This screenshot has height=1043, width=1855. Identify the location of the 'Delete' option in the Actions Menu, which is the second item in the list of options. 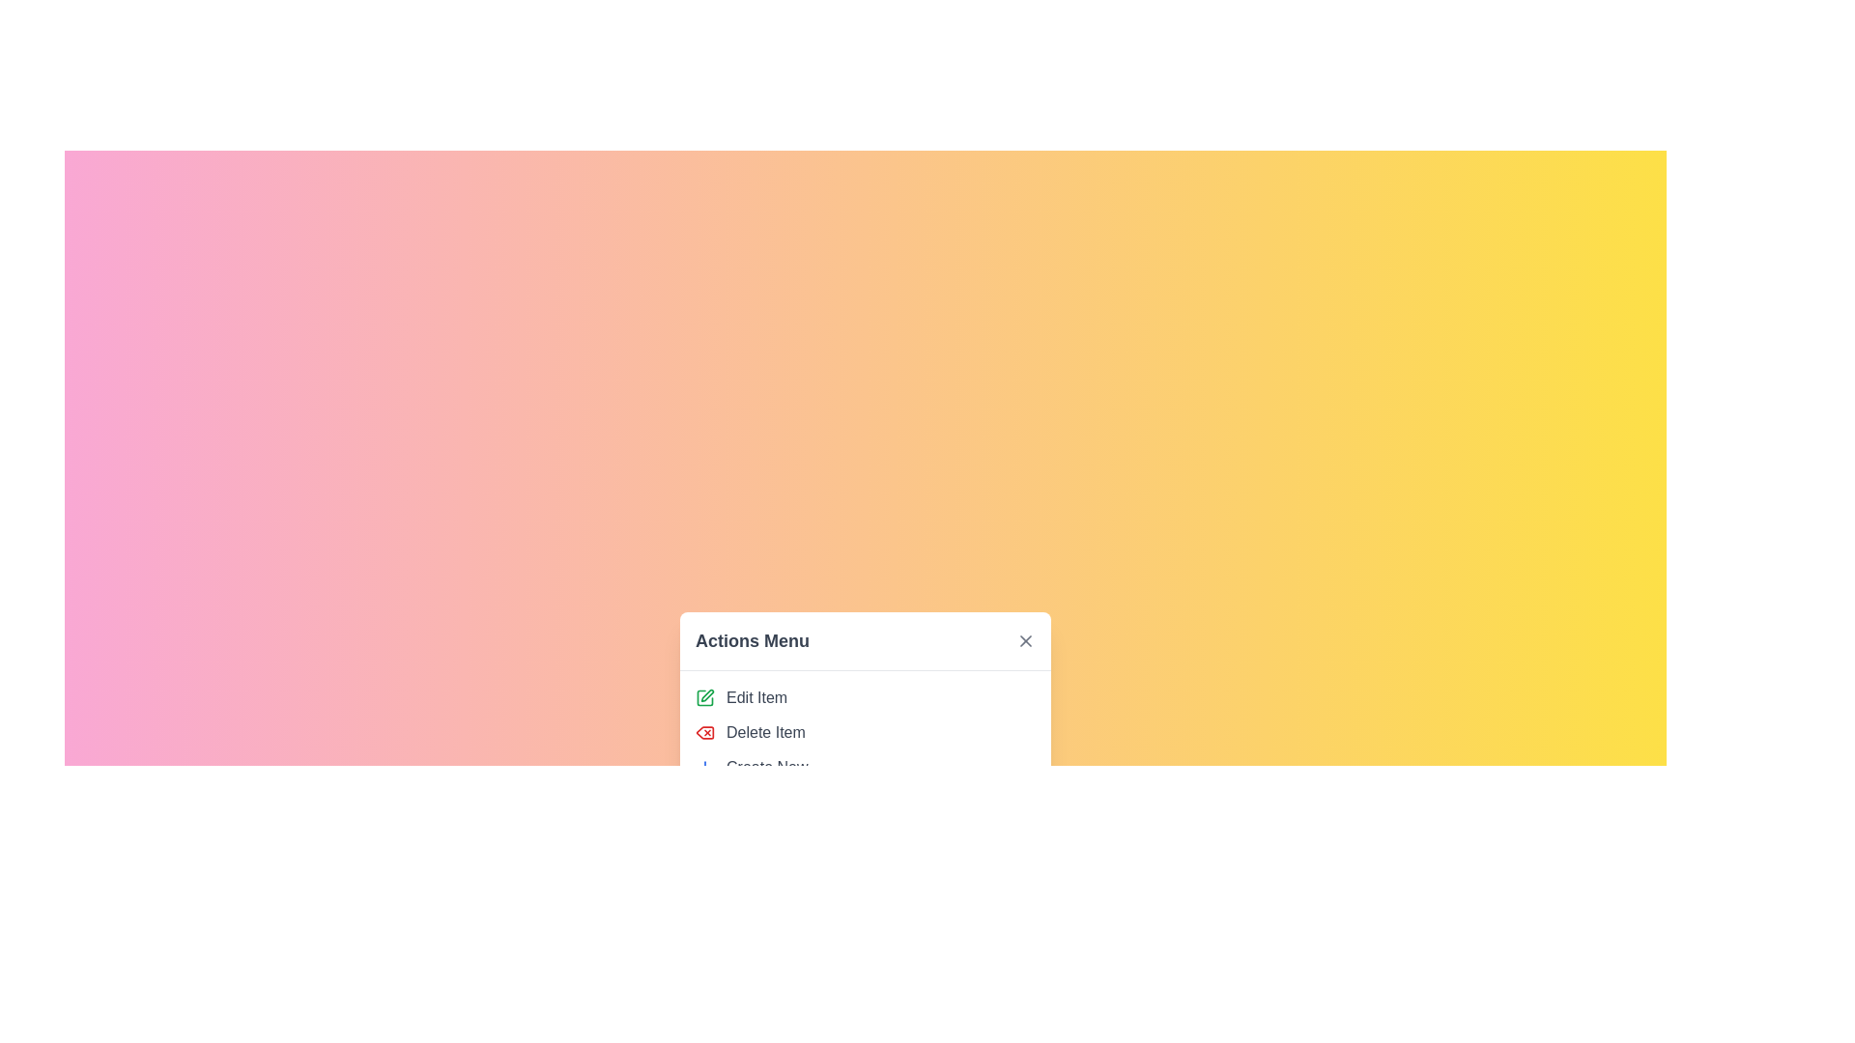
(764, 732).